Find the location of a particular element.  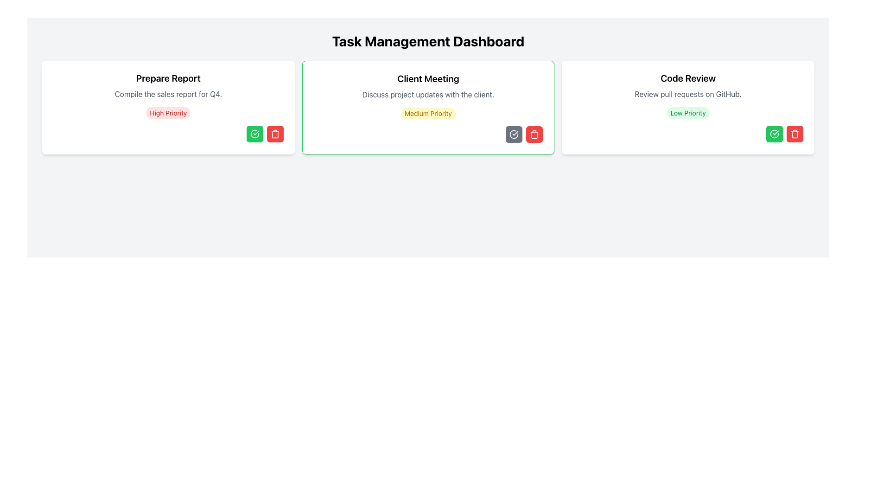

the deletion button located in the lower-right corner of the 'Client Meeting' task card to observe interactive effects such as changes in opacity is located at coordinates (534, 134).